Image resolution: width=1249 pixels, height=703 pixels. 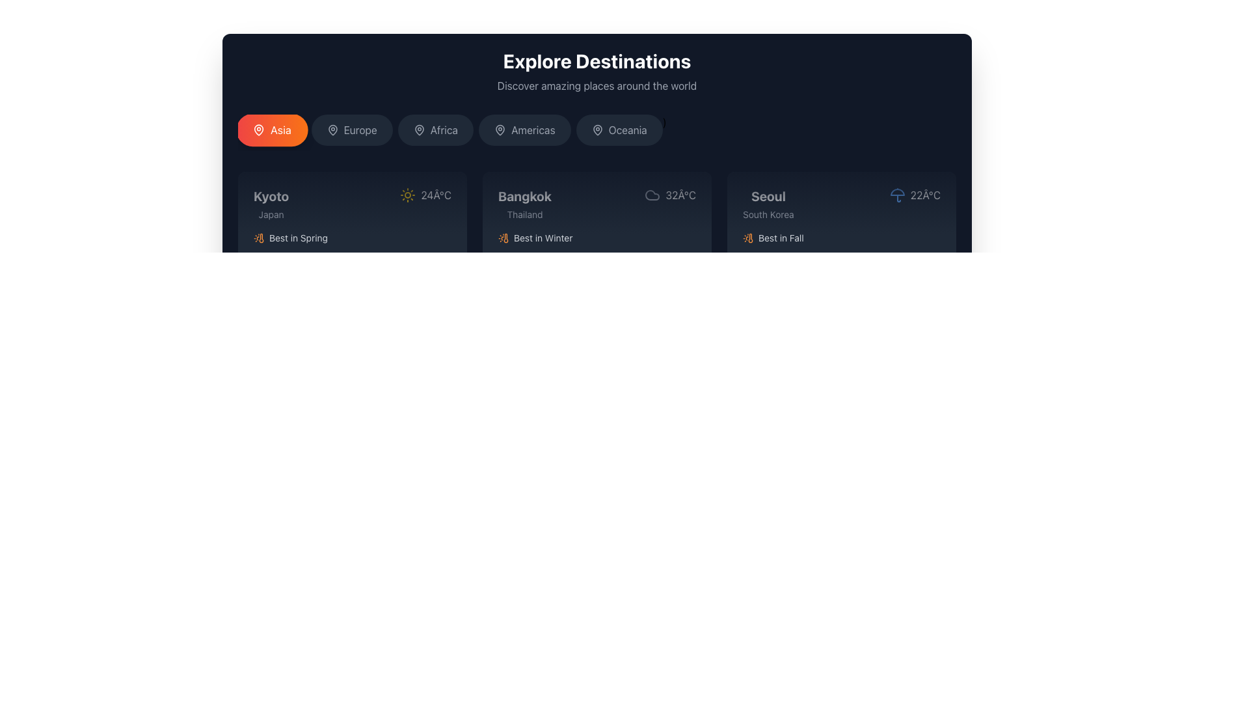 I want to click on text label indicating the country 'Thailand', which is positioned beneath the text 'Bangkok' in the middle card of the displayed interface, so click(x=524, y=214).